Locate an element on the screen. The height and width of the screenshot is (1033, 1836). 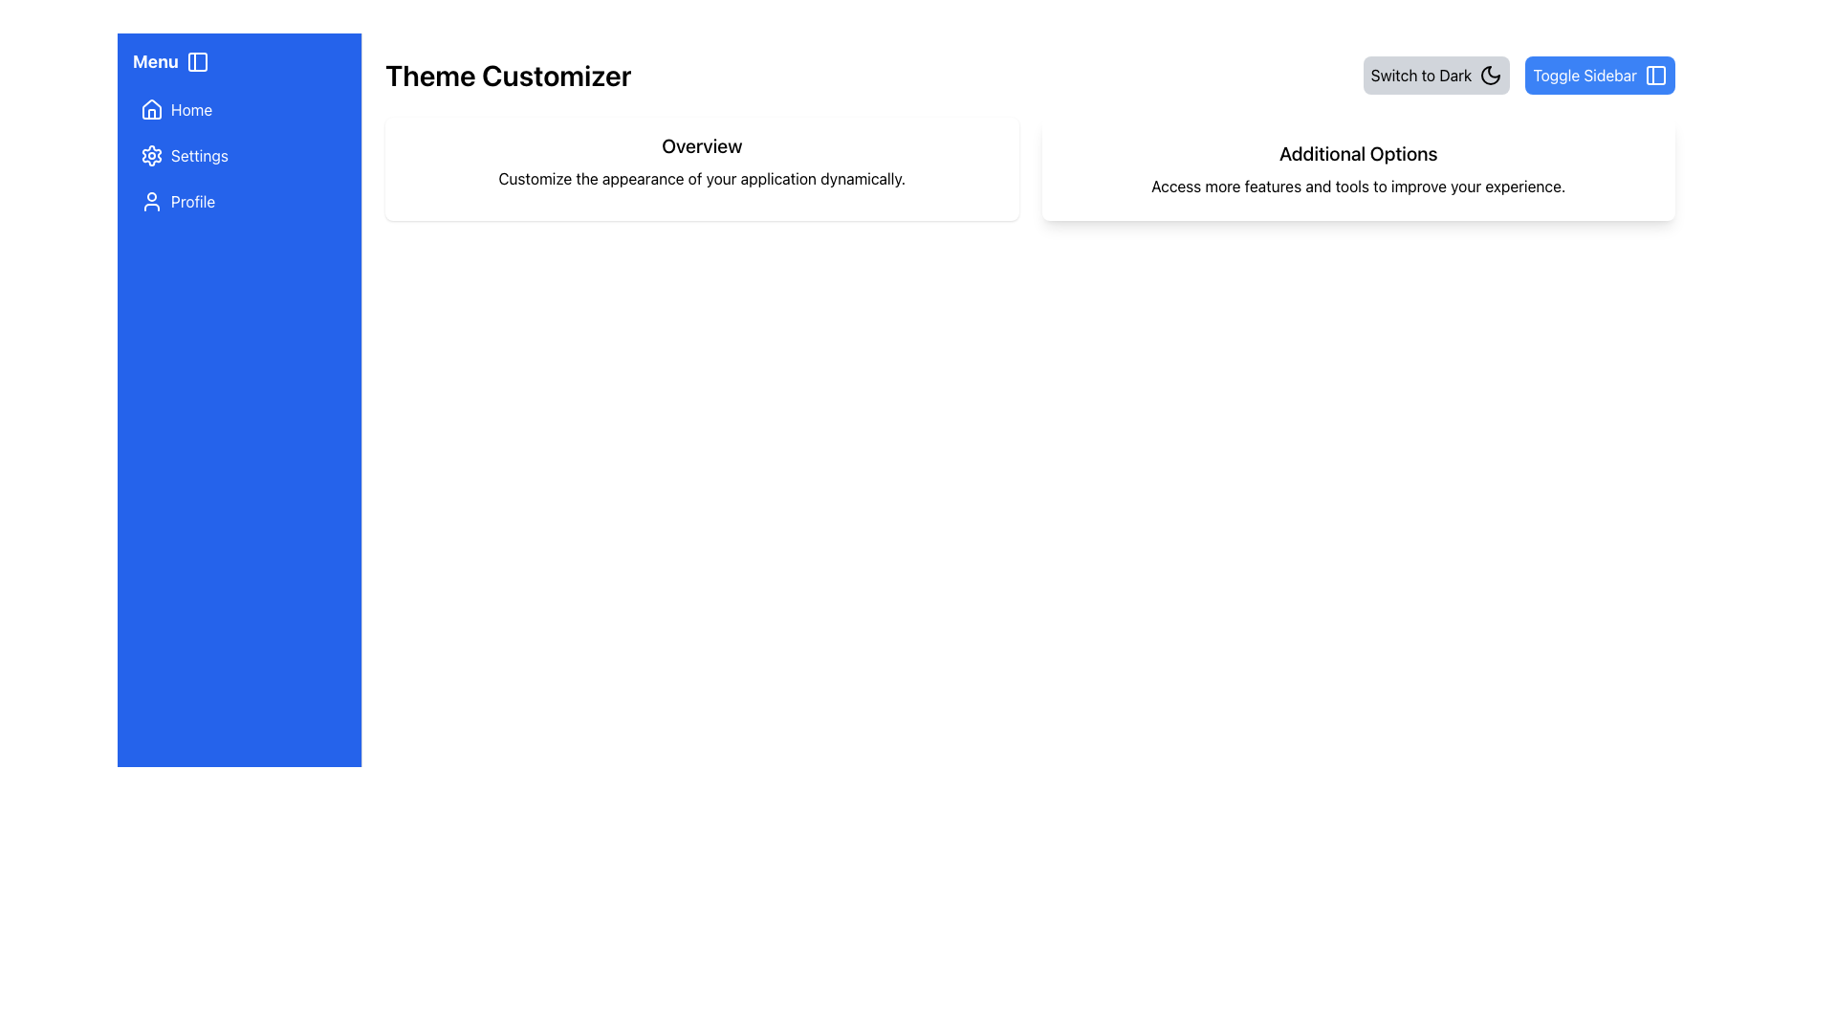
the text element reading 'Customize the appearance of your application dynamically.' which is positioned below the 'Overview' heading in a bordered white box is located at coordinates (701, 178).